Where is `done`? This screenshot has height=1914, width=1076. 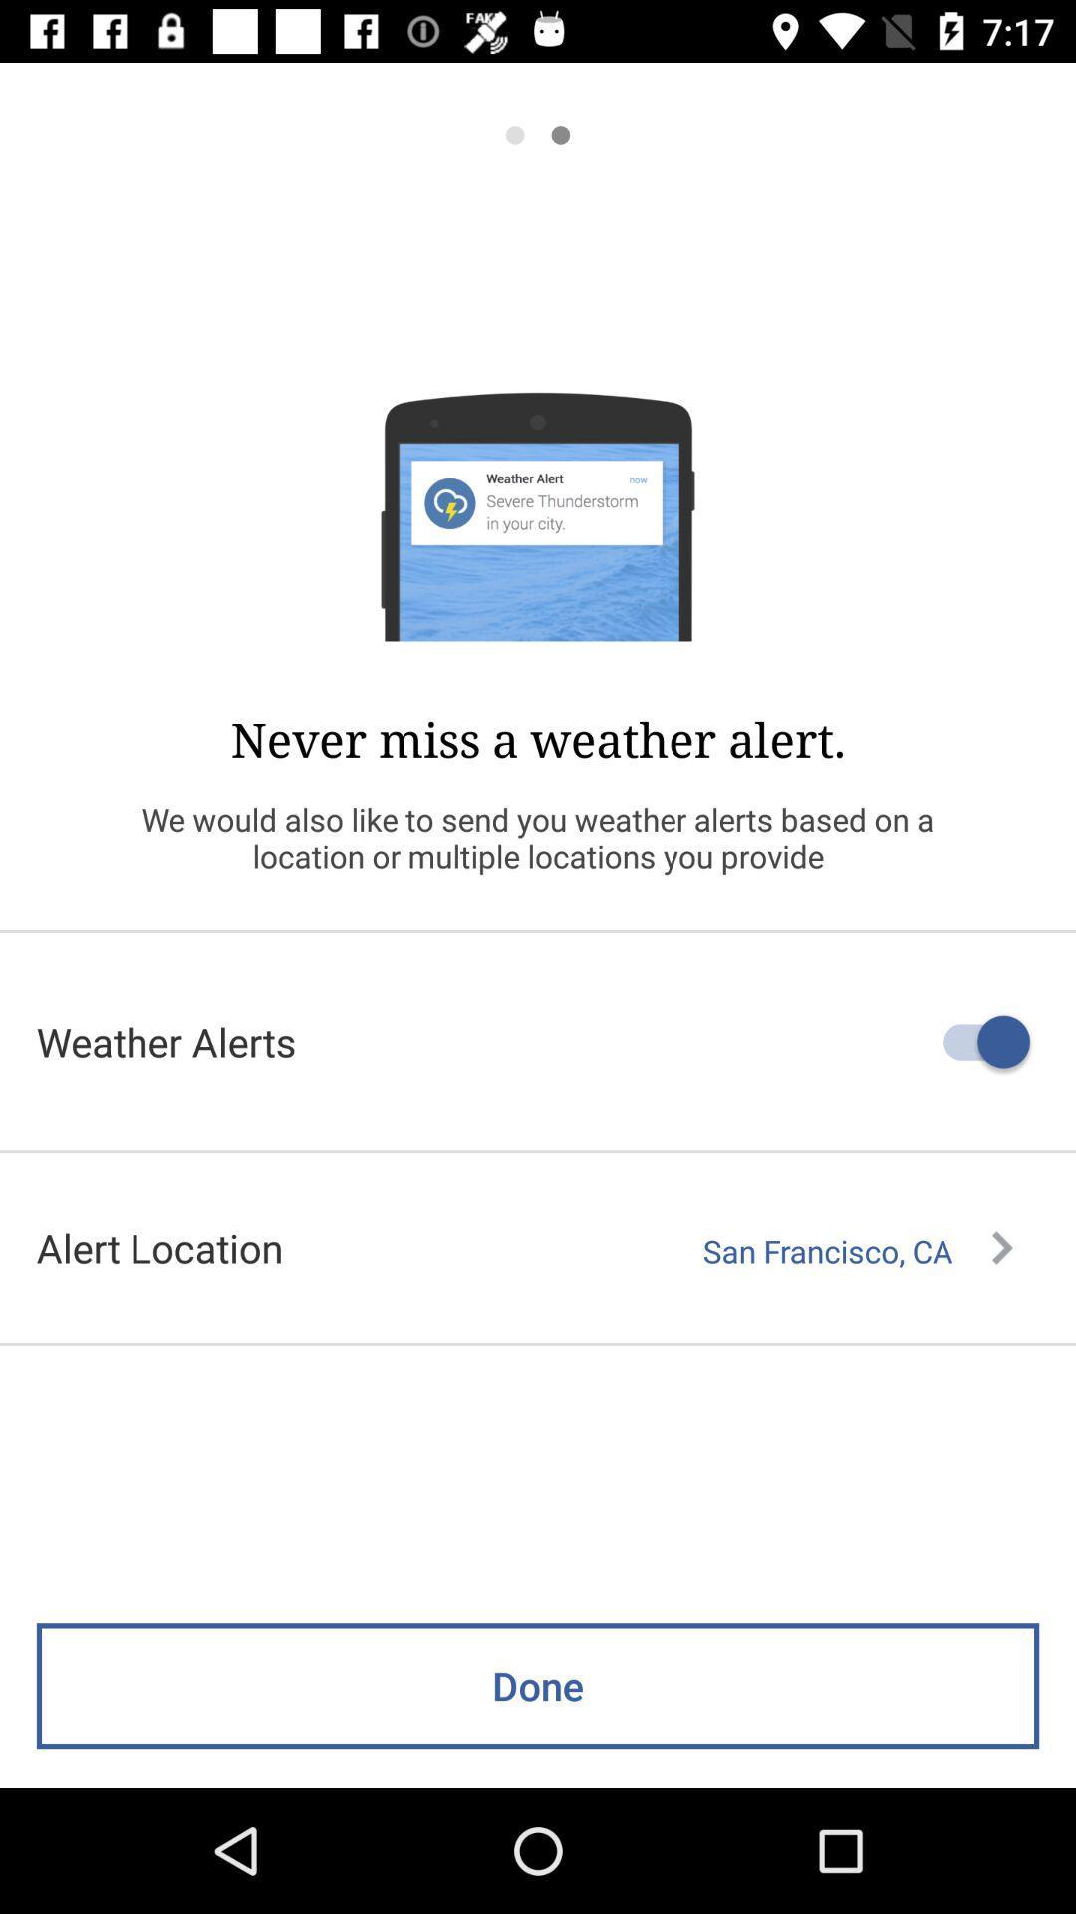
done is located at coordinates (538, 1685).